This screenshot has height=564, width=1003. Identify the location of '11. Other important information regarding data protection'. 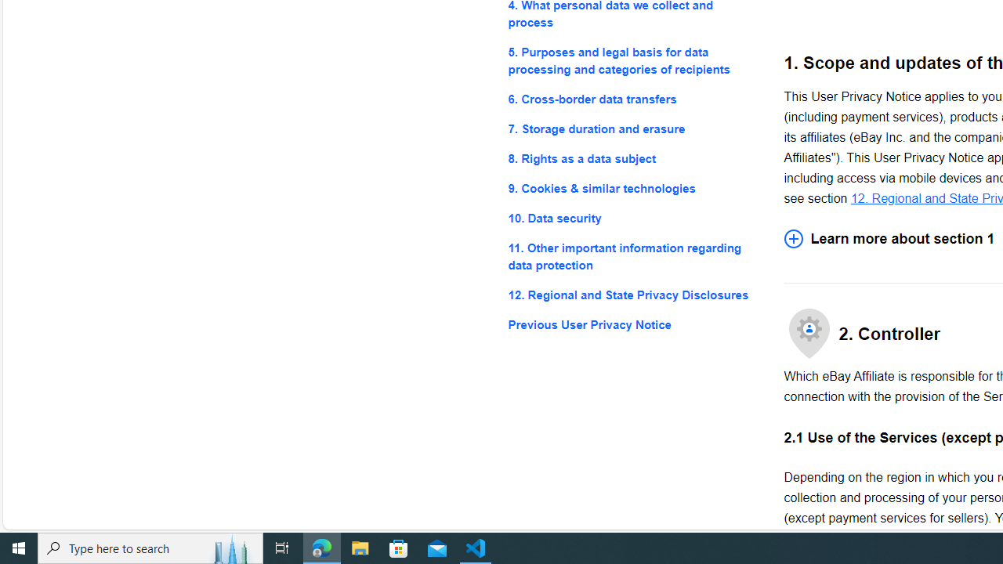
(633, 256).